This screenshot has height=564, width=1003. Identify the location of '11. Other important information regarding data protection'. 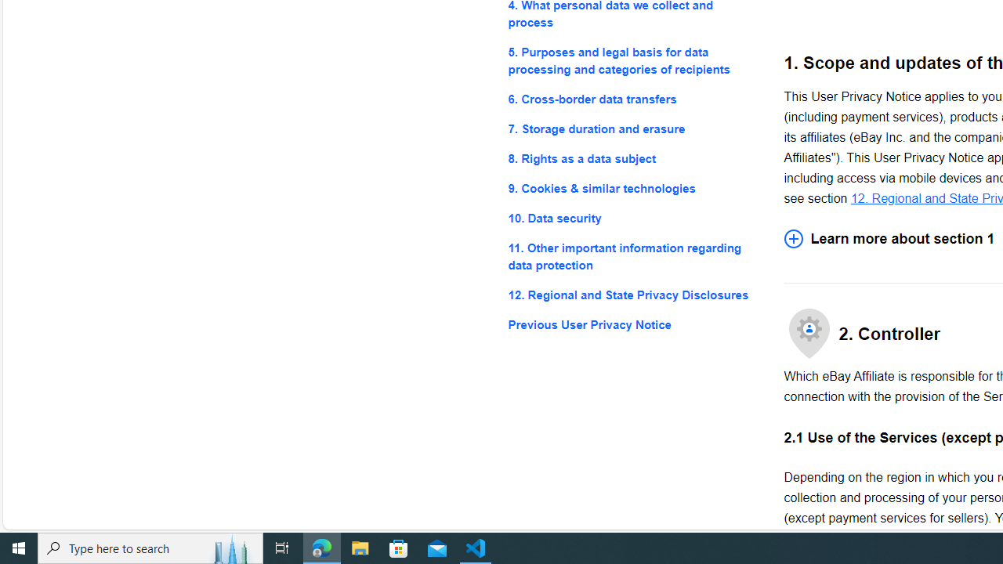
(633, 256).